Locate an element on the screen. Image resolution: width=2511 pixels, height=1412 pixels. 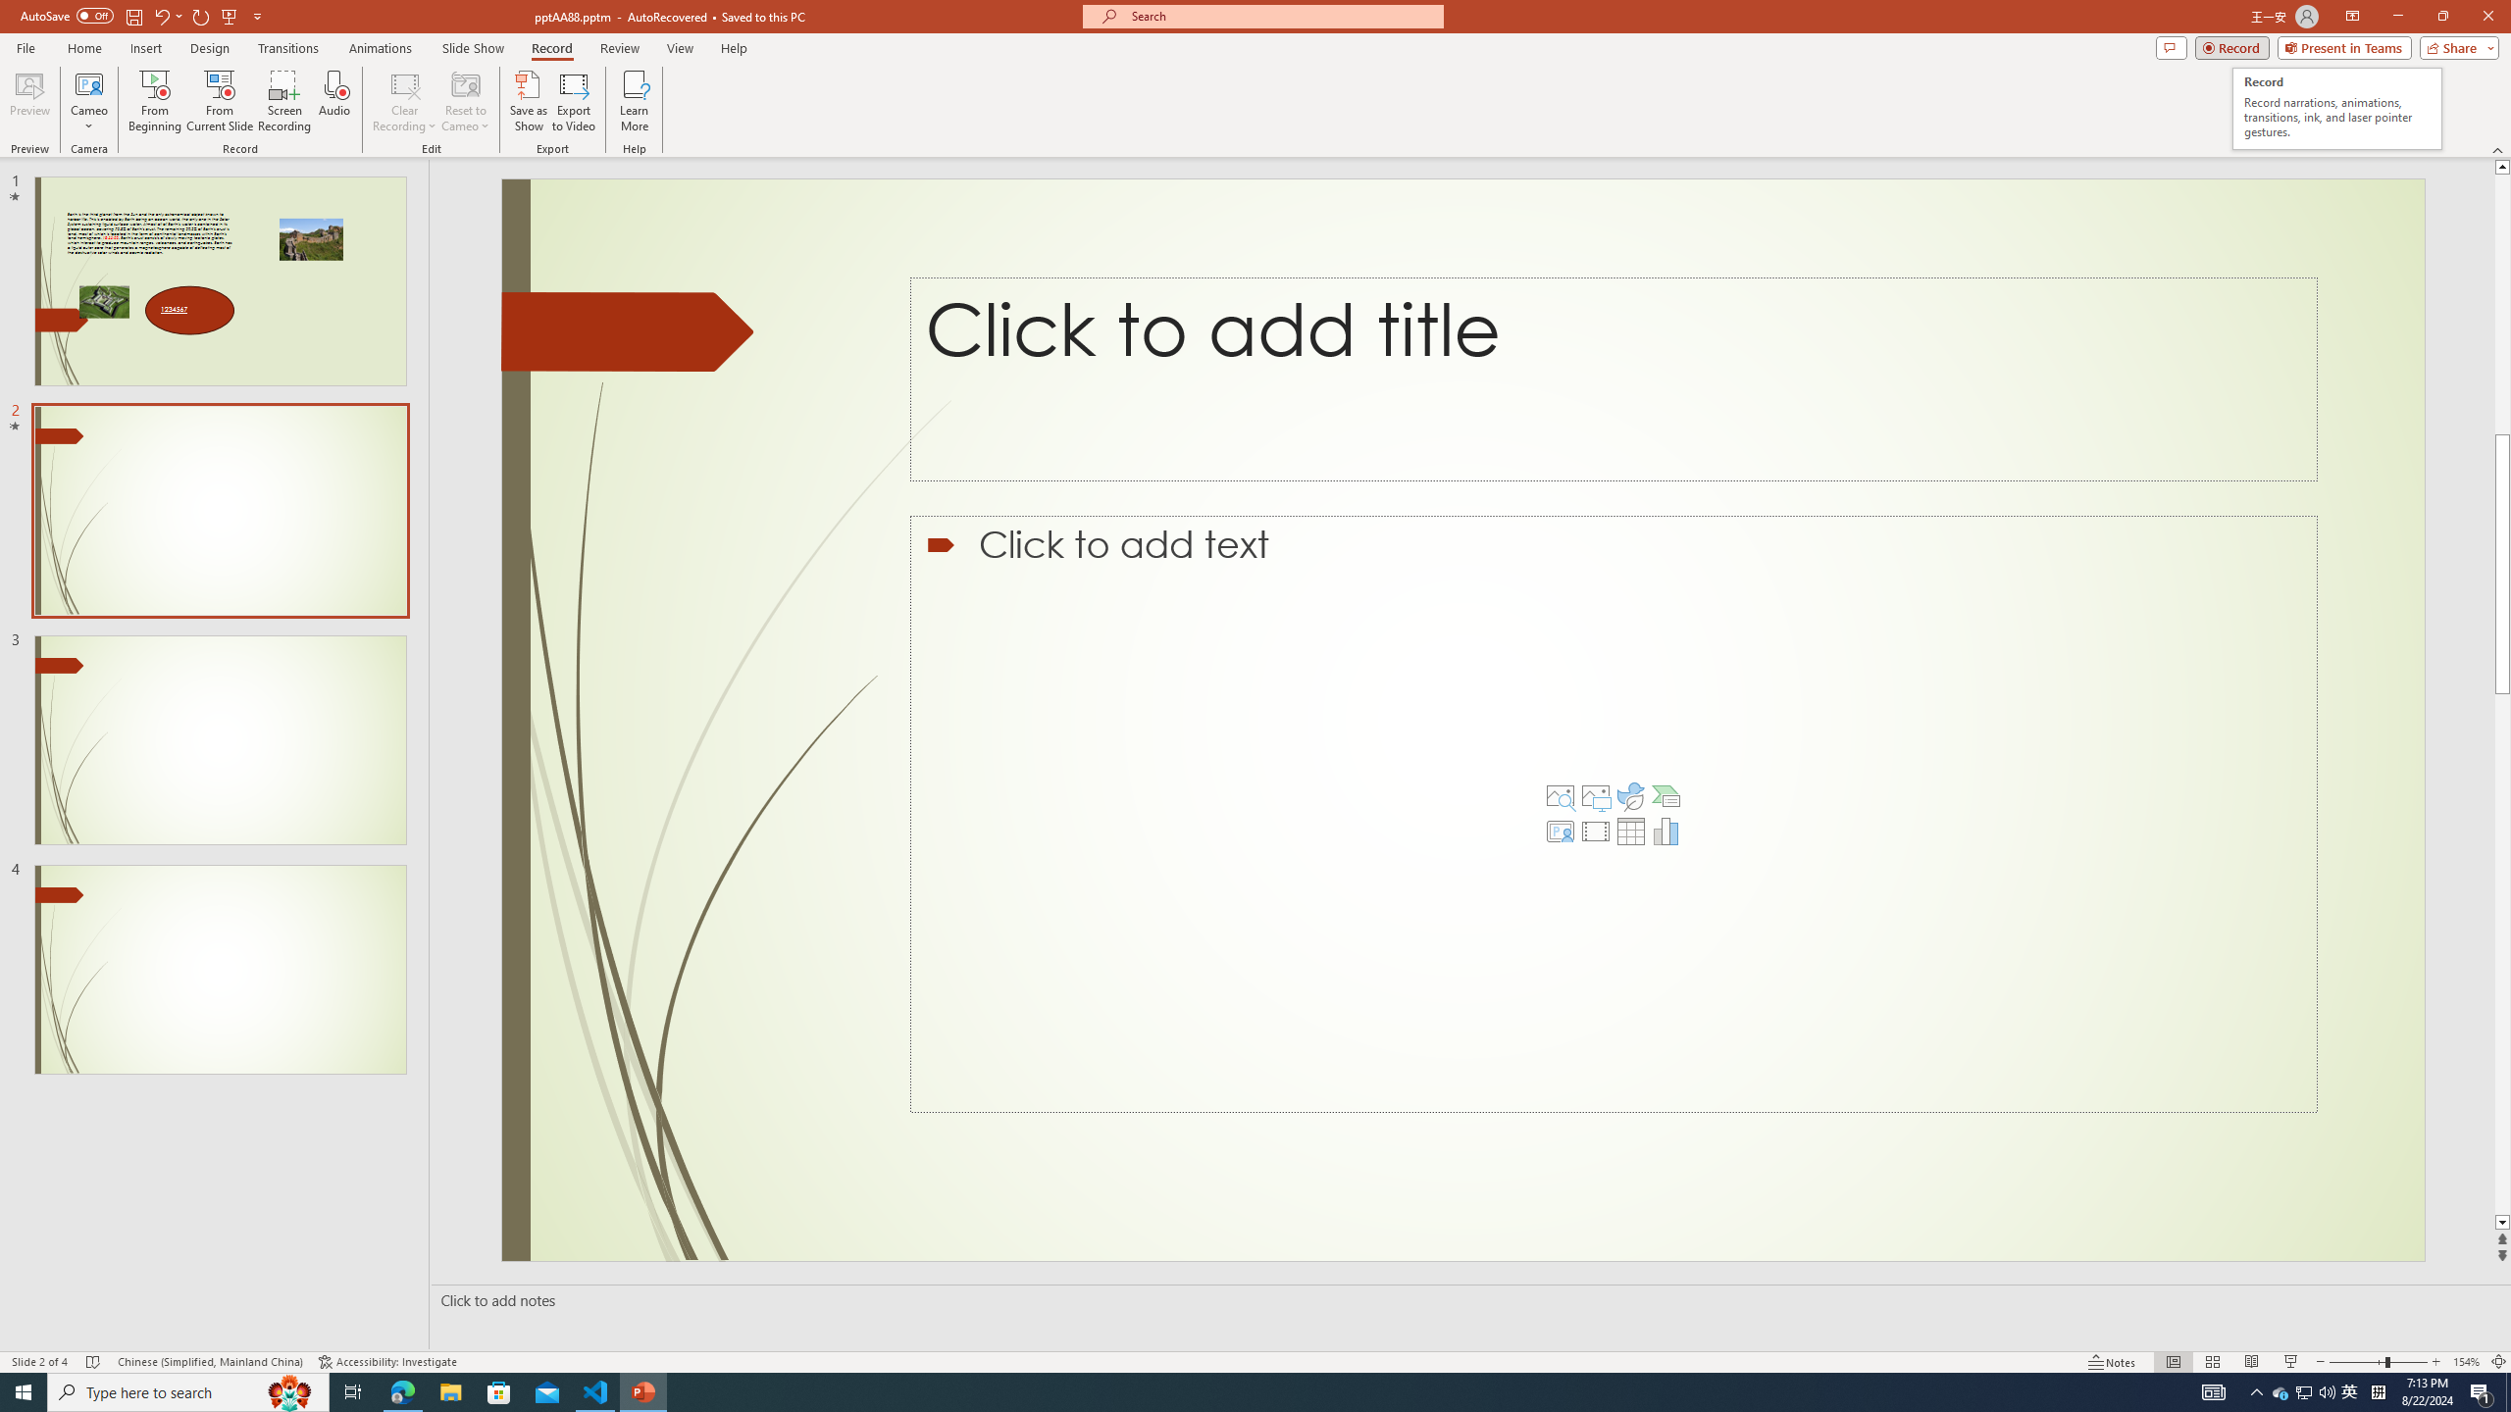
'Insert an Icon' is located at coordinates (1630, 795).